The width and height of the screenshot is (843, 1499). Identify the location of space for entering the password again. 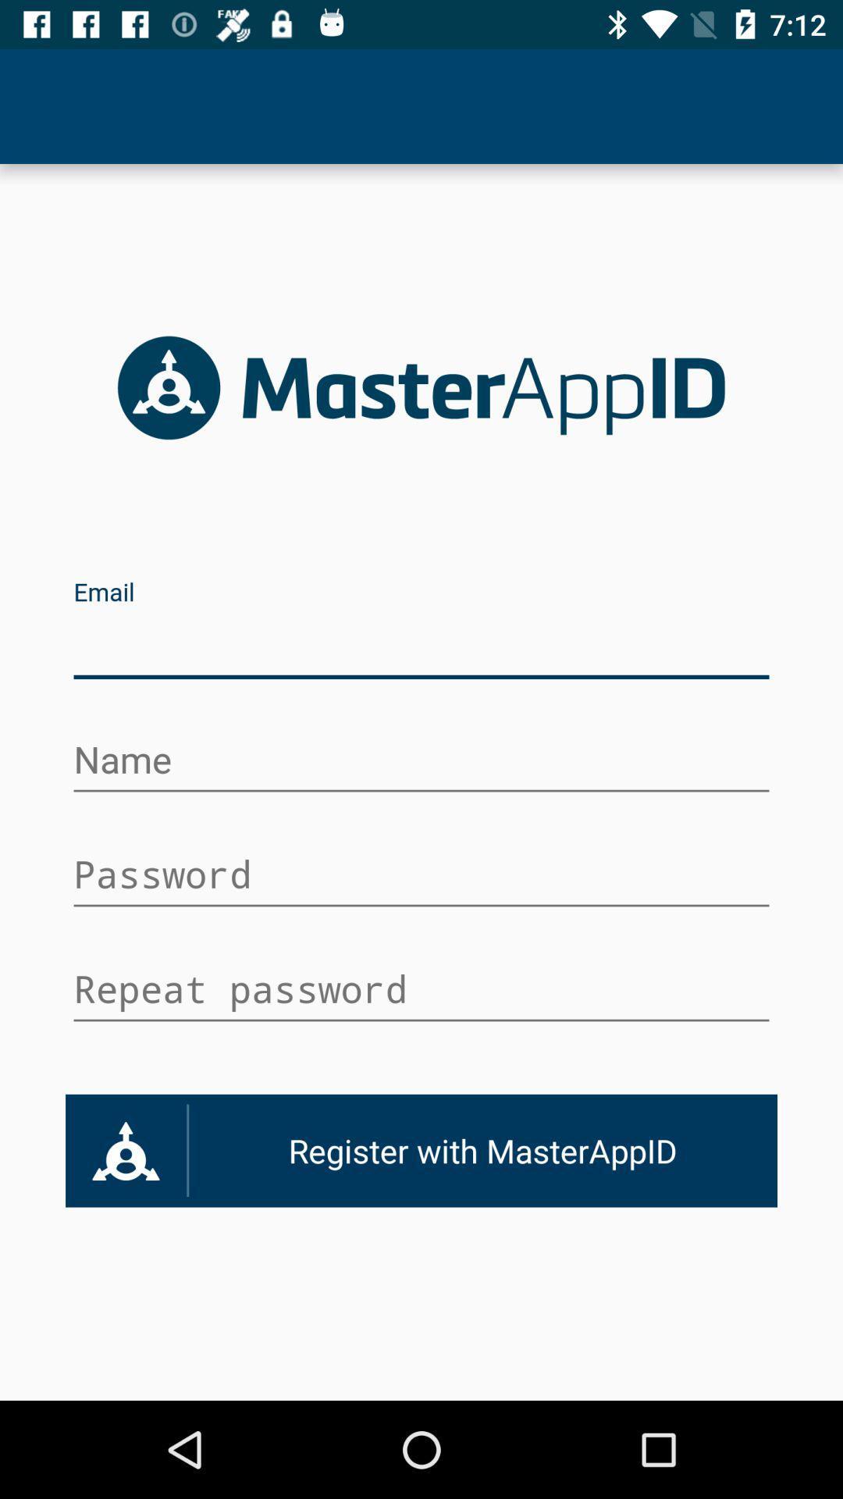
(421, 990).